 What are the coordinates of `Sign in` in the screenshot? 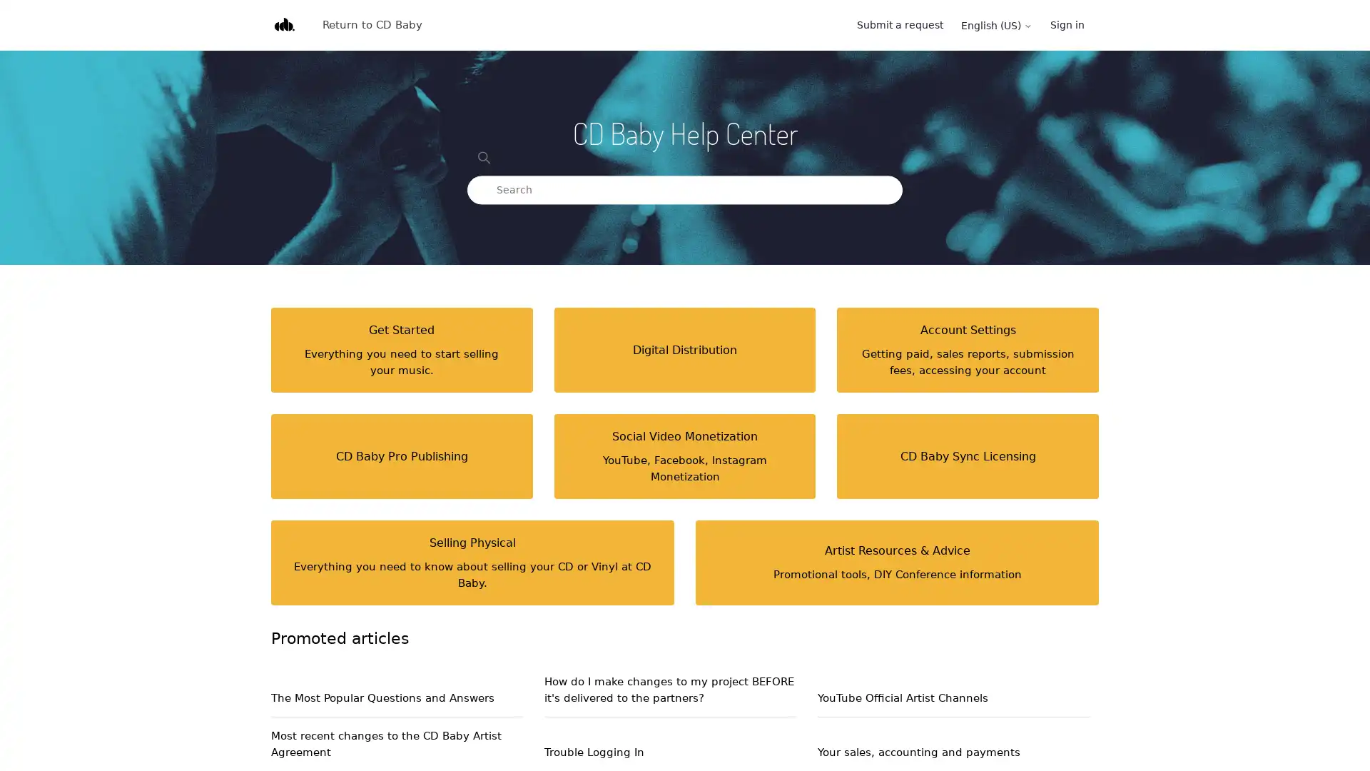 It's located at (1075, 25).